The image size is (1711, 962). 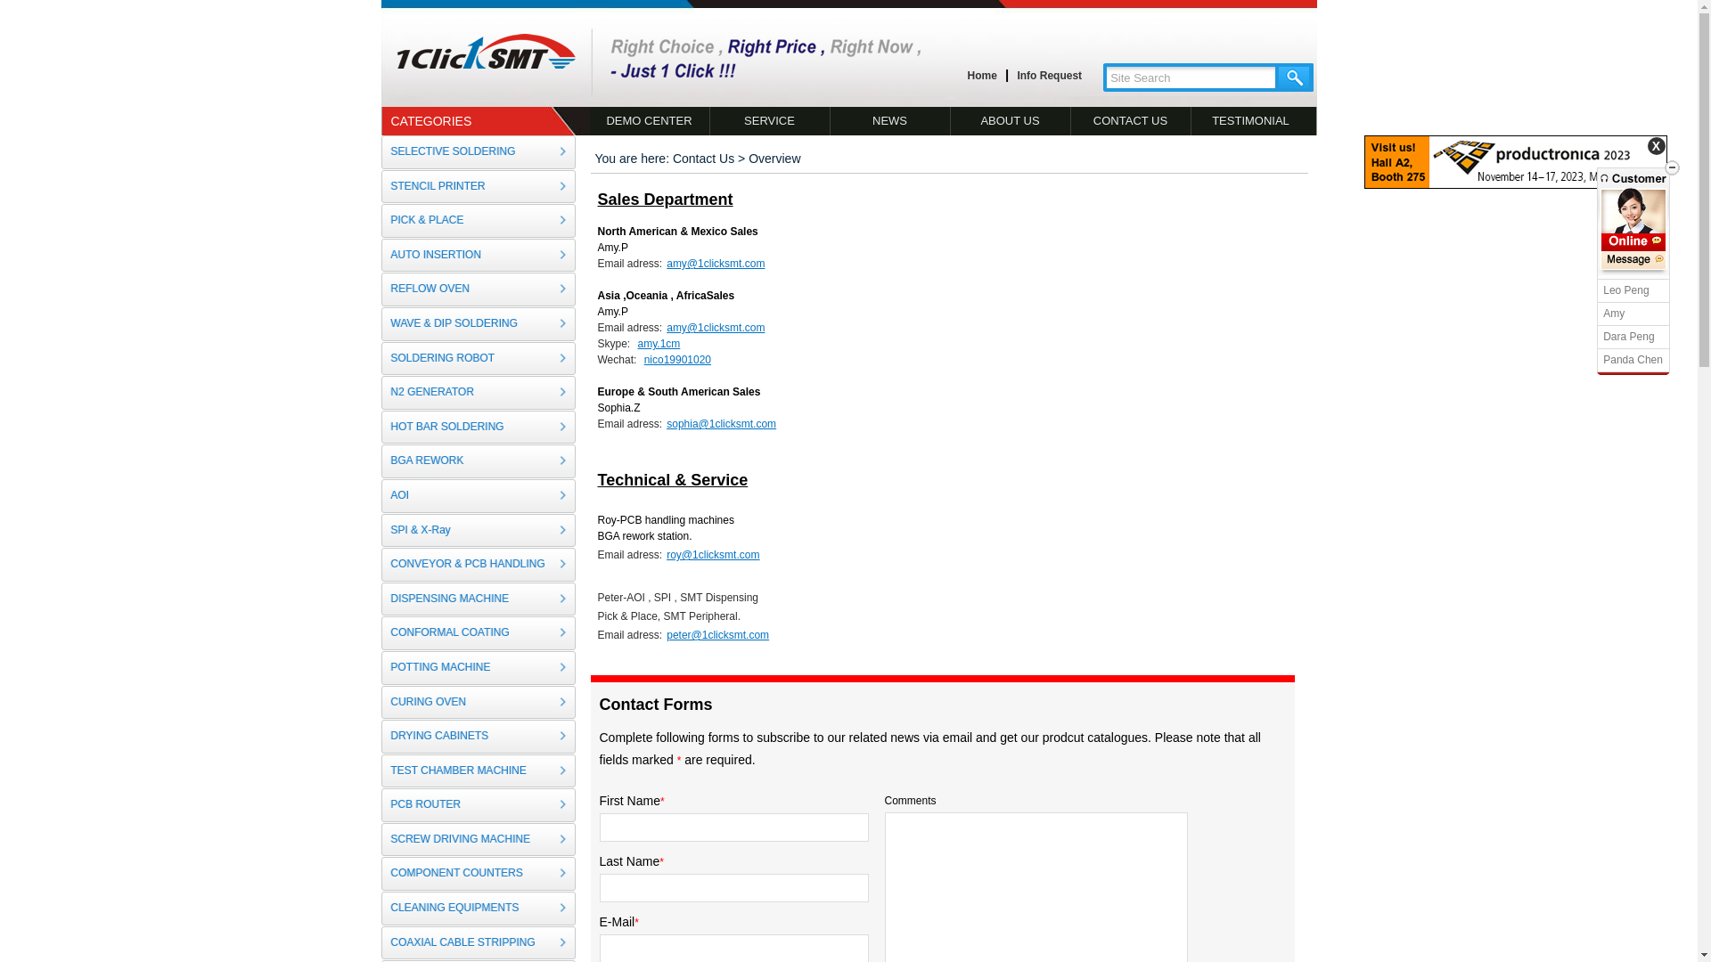 I want to click on 'BGA REWORK', so click(x=479, y=460).